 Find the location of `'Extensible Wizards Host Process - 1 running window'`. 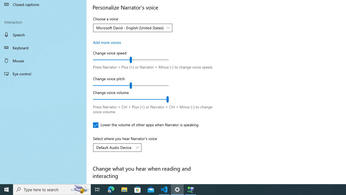

'Extensible Wizards Host Process - 1 running window' is located at coordinates (191, 189).